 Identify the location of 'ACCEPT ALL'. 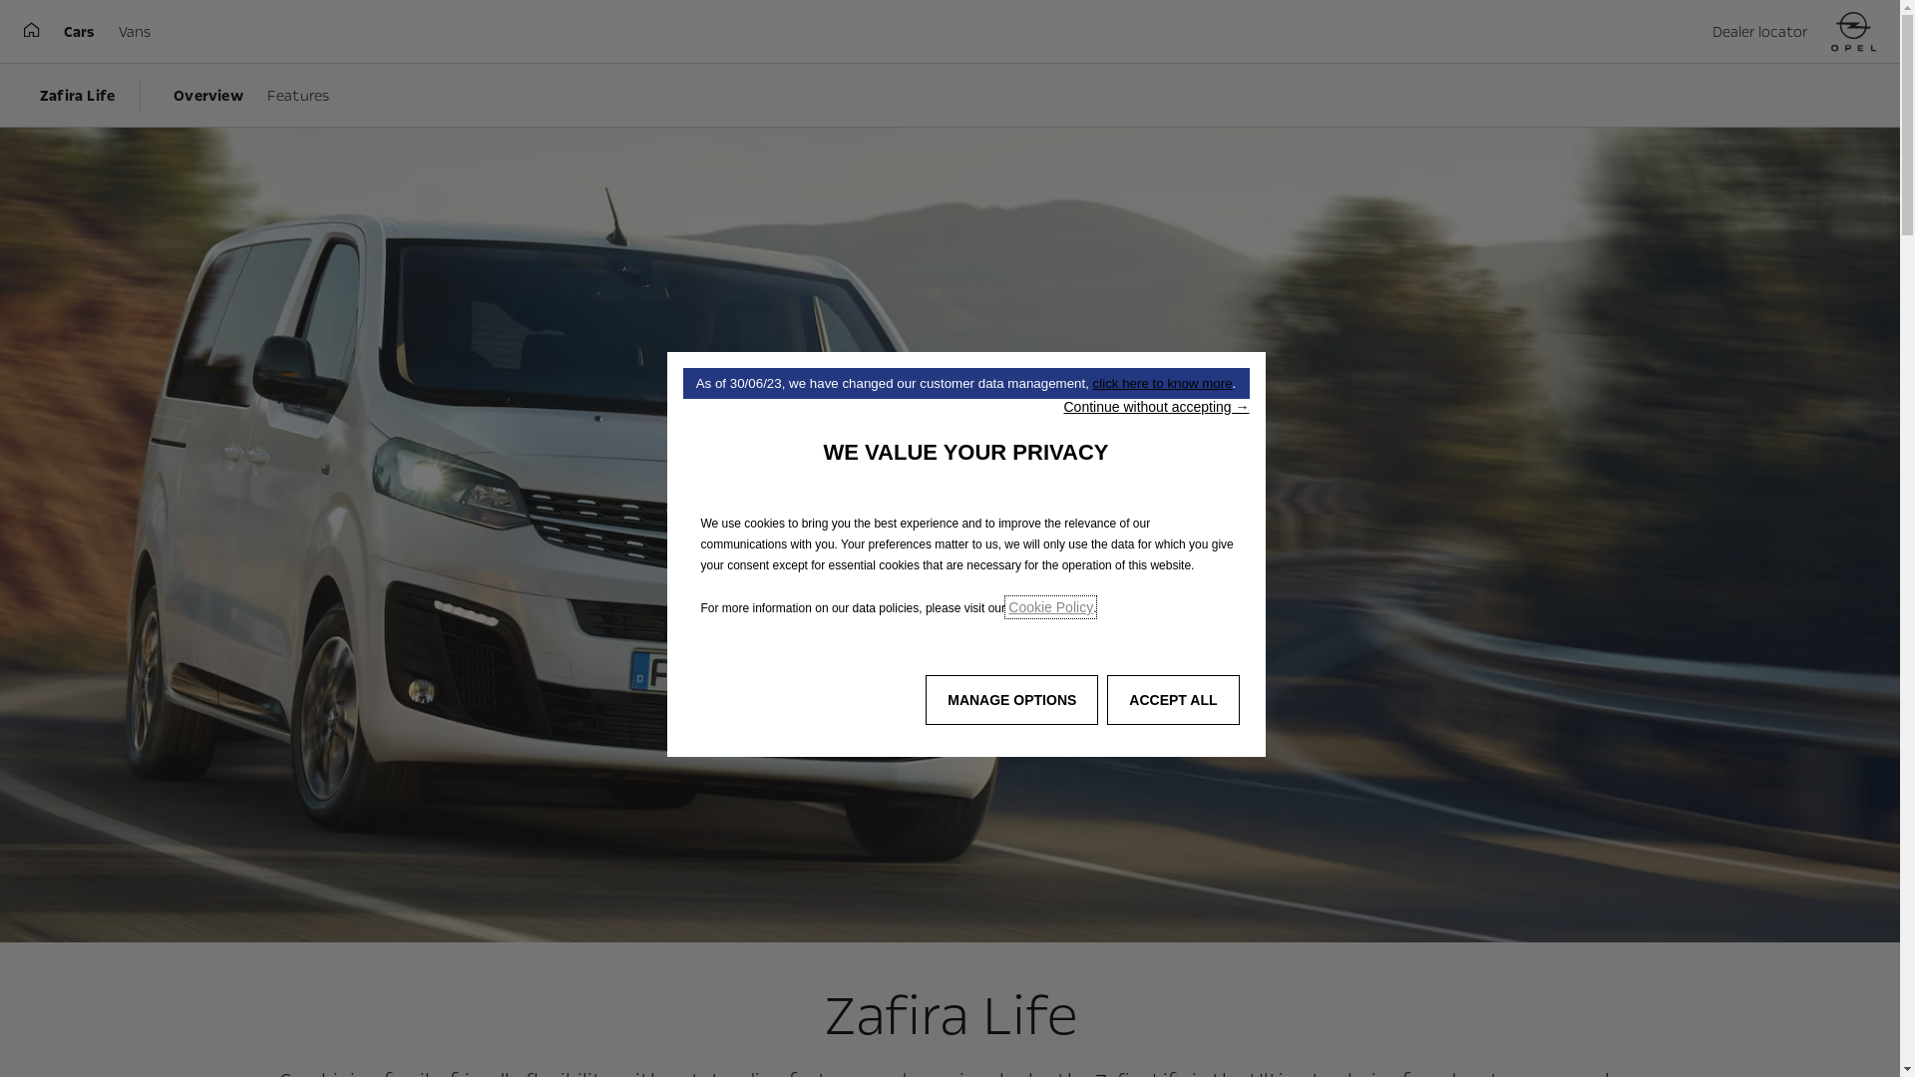
(1105, 699).